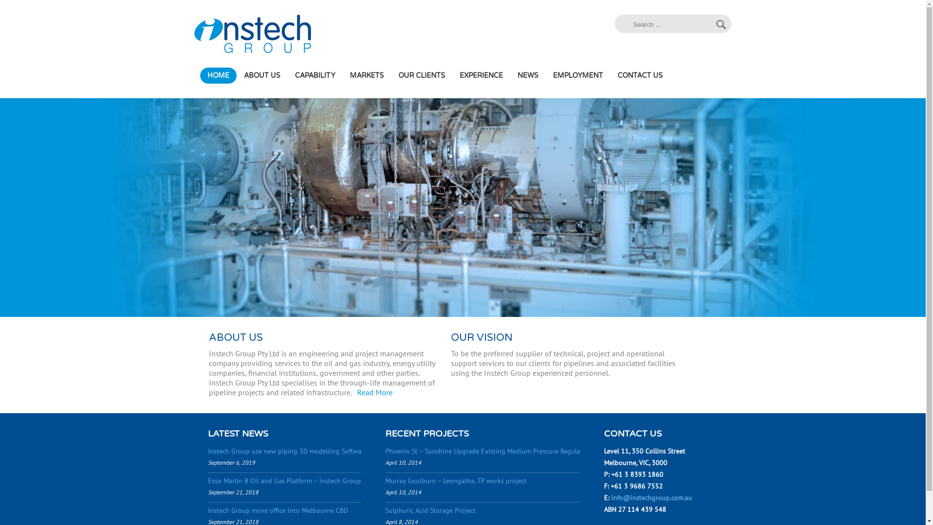 The width and height of the screenshot is (933, 525). I want to click on 'EMPLOYMENT', so click(578, 75).